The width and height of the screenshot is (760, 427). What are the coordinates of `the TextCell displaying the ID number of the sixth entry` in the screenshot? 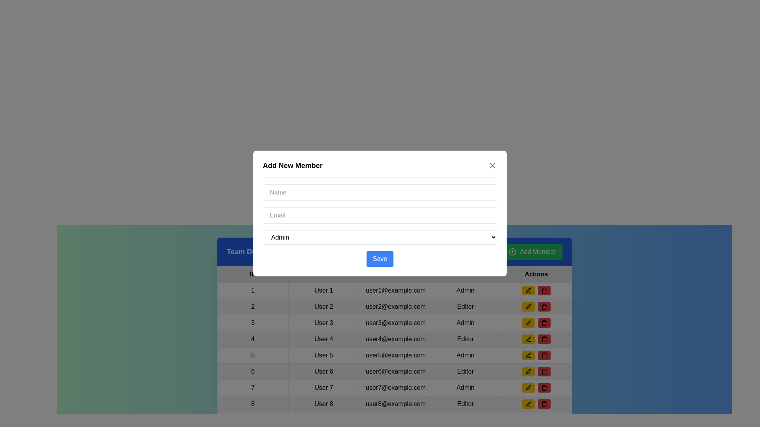 It's located at (252, 372).